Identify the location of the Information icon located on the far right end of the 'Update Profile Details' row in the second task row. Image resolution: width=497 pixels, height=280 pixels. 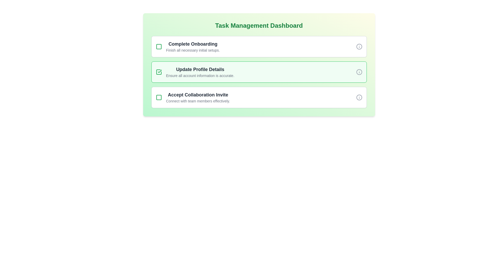
(359, 72).